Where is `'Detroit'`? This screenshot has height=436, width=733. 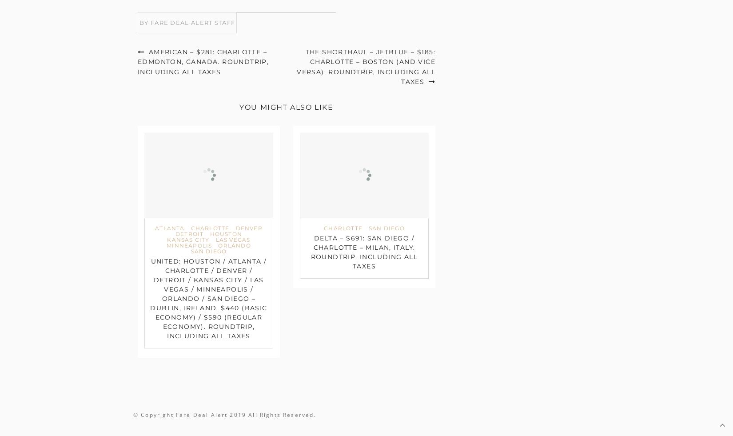 'Detroit' is located at coordinates (189, 234).